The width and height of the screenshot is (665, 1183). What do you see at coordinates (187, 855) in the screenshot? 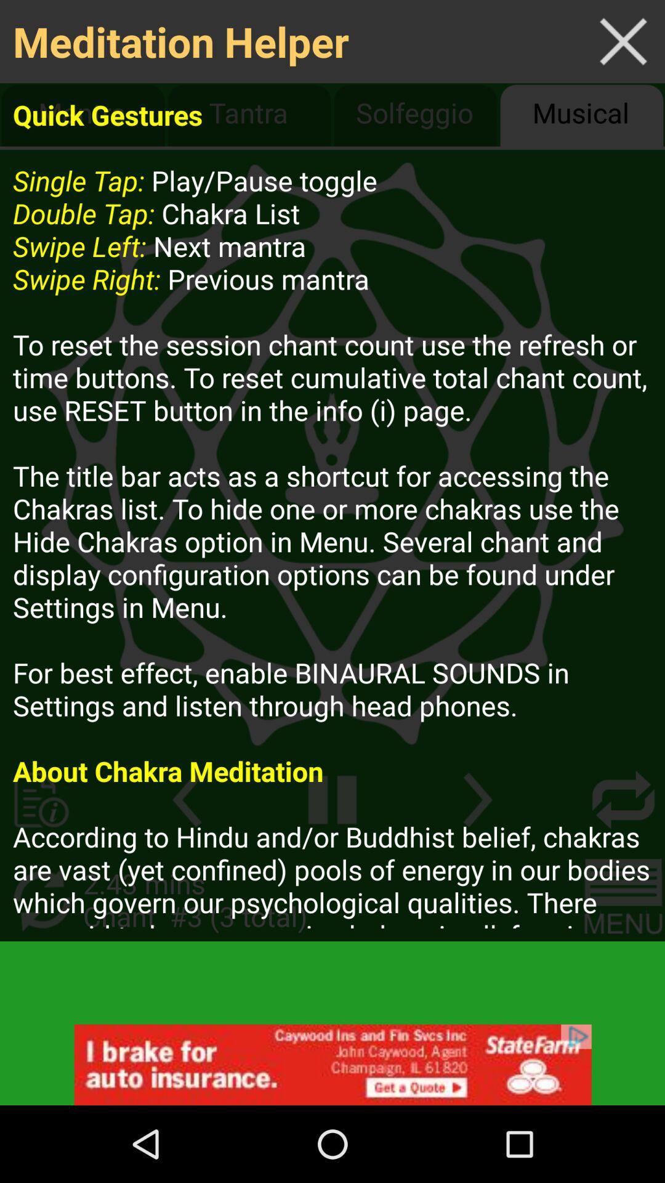
I see `the arrow_backward icon` at bounding box center [187, 855].